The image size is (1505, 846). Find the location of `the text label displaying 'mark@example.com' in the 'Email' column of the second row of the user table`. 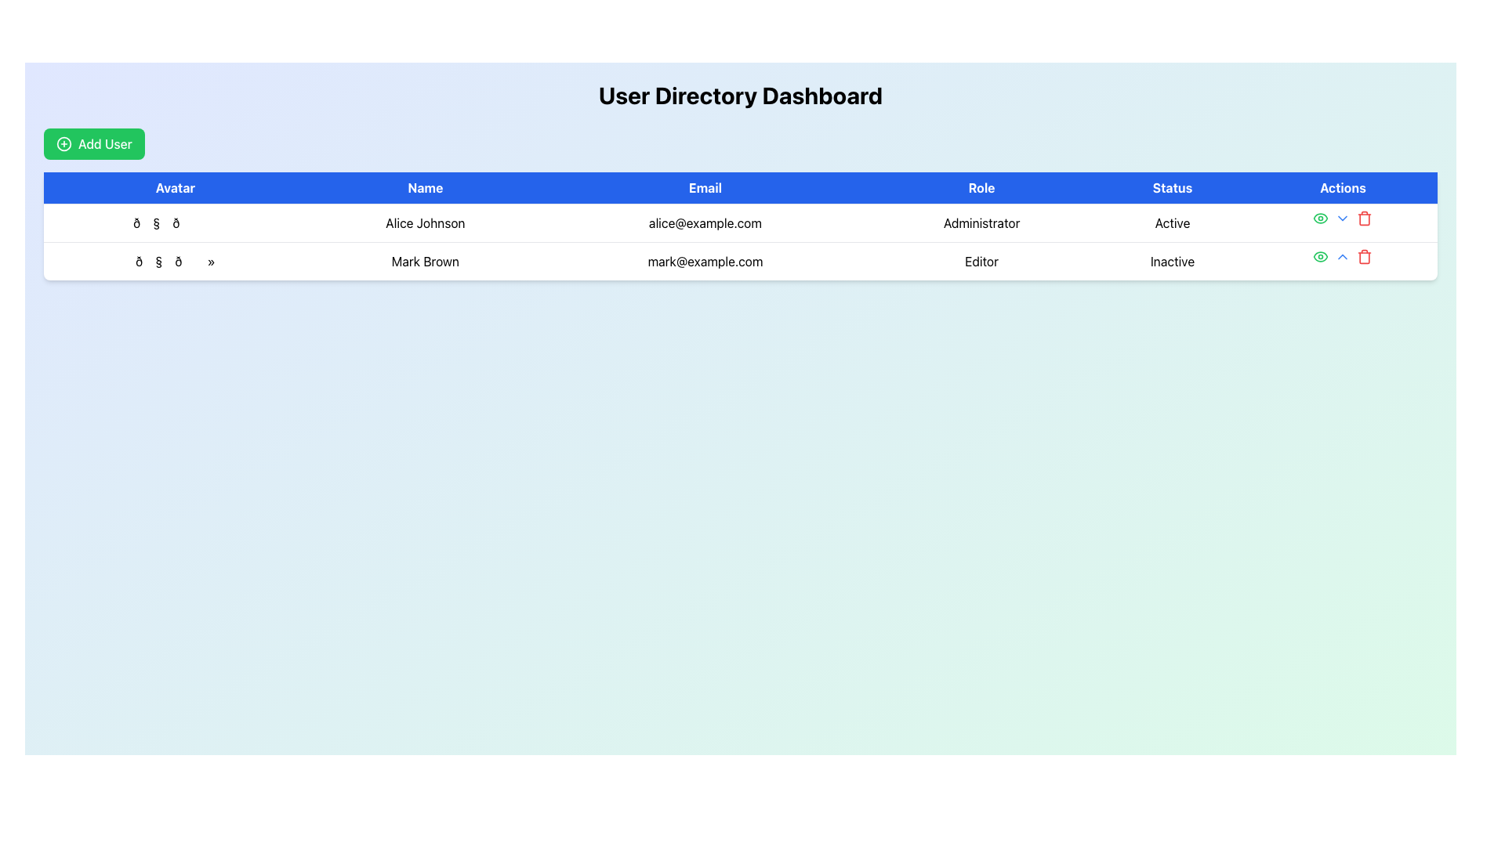

the text label displaying 'mark@example.com' in the 'Email' column of the second row of the user table is located at coordinates (705, 260).